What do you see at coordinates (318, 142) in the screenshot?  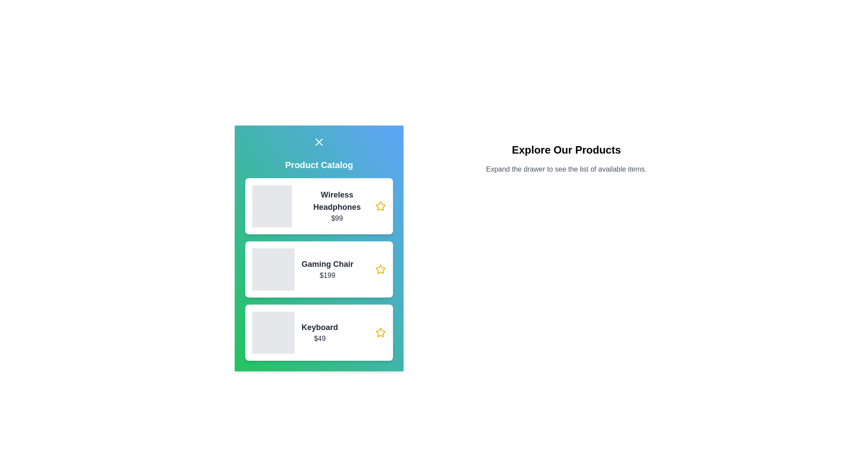 I see `toggle button at the top of the drawer to toggle its open or closed state` at bounding box center [318, 142].